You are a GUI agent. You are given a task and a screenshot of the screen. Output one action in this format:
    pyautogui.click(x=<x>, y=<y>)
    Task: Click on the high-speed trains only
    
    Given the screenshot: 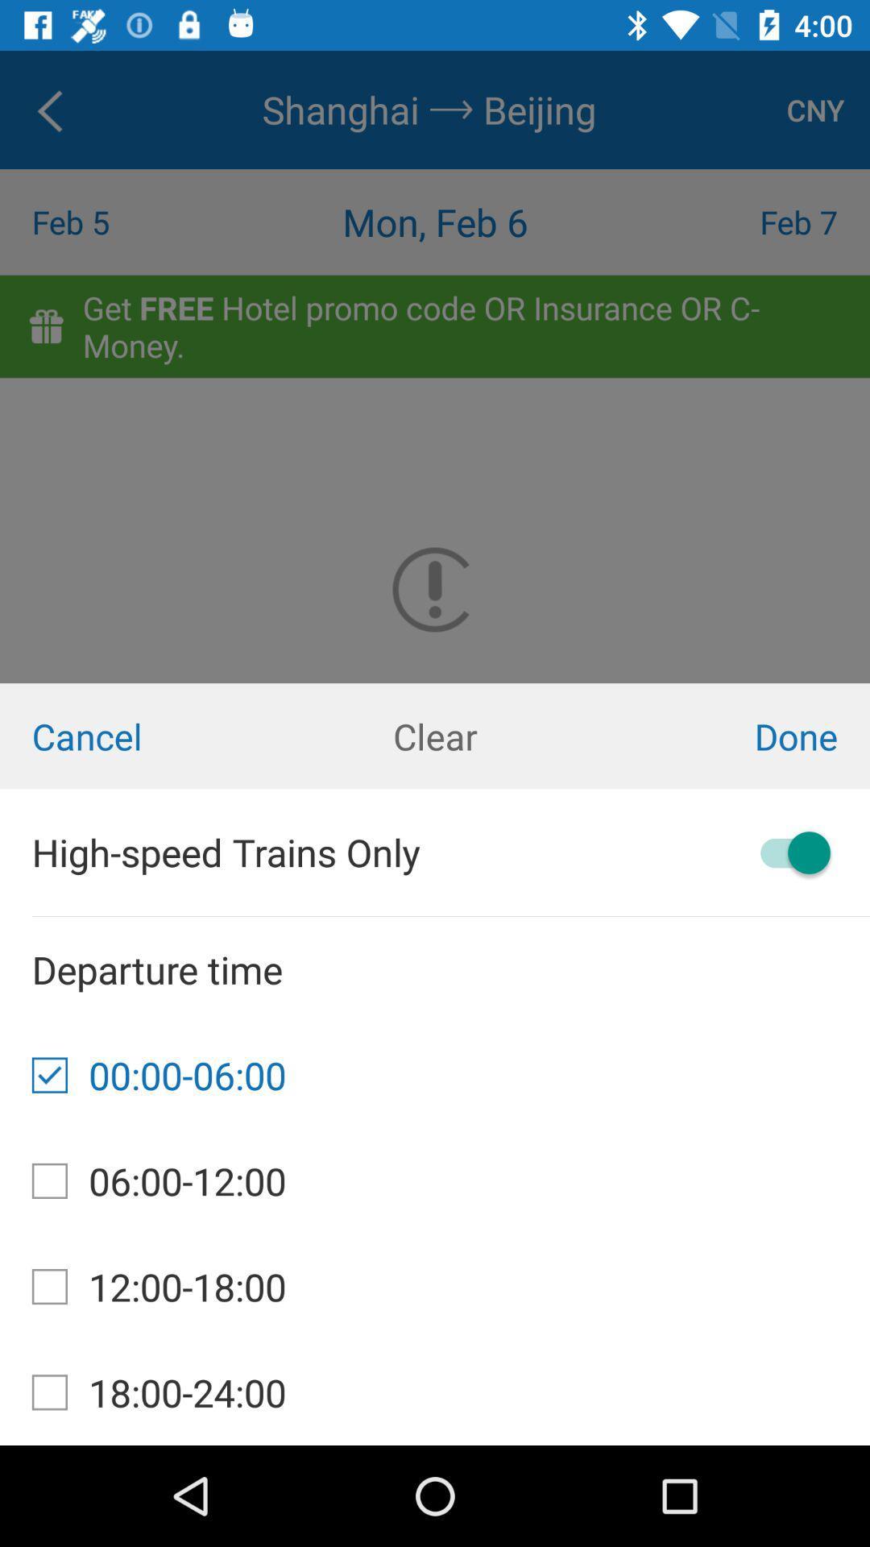 What is the action you would take?
    pyautogui.click(x=787, y=852)
    